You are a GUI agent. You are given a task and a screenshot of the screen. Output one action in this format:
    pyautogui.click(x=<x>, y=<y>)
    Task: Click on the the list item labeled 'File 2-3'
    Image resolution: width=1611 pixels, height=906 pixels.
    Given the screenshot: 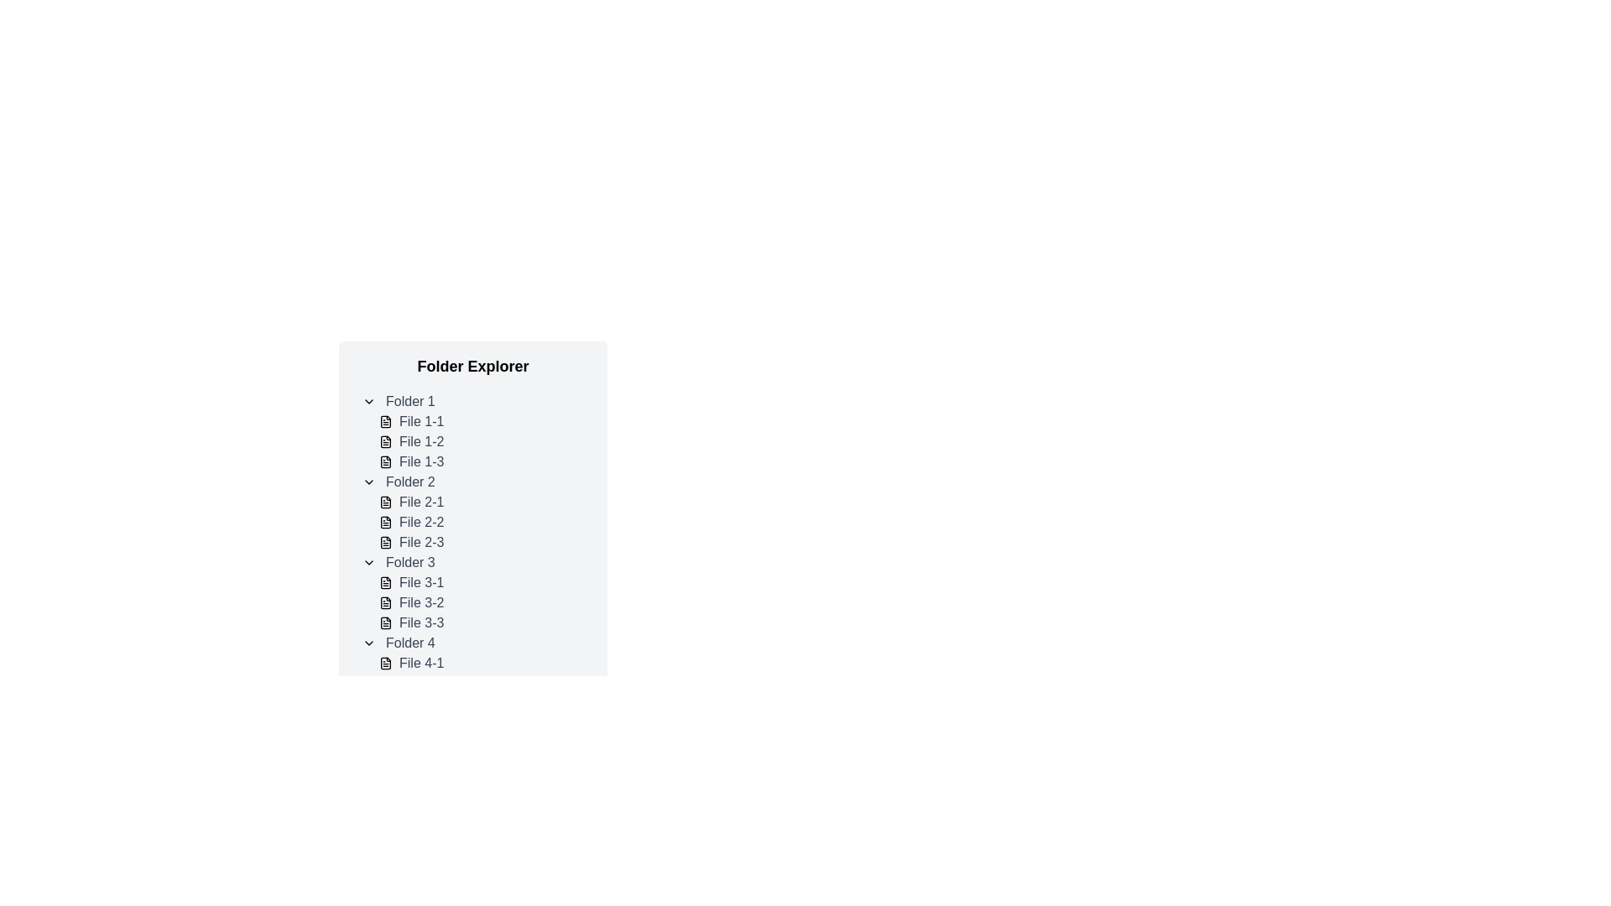 What is the action you would take?
    pyautogui.click(x=486, y=543)
    